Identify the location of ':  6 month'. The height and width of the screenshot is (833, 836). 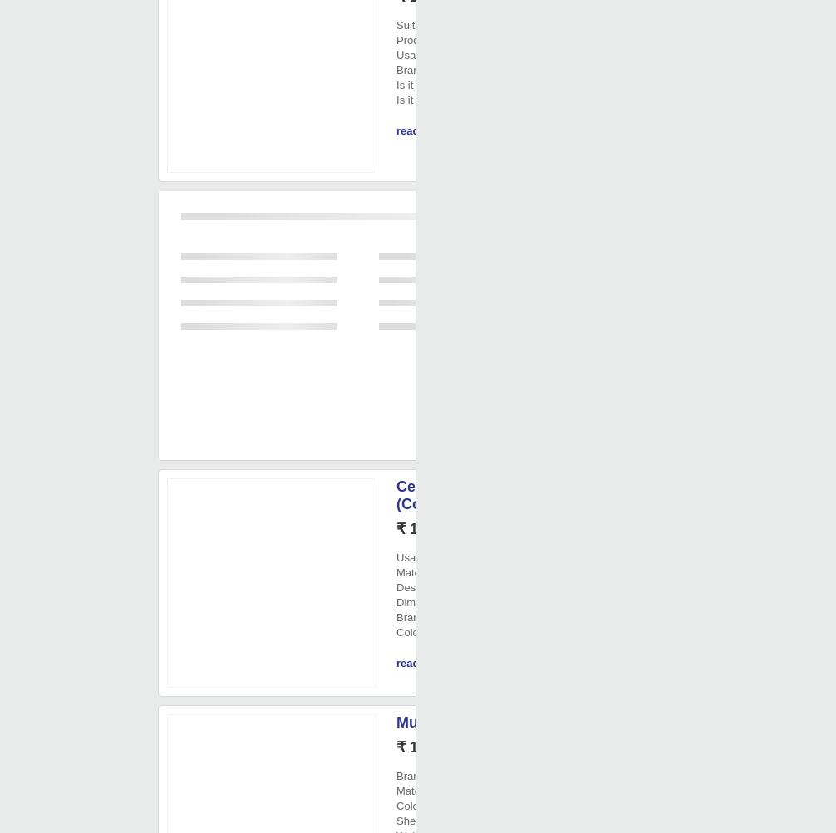
(464, 820).